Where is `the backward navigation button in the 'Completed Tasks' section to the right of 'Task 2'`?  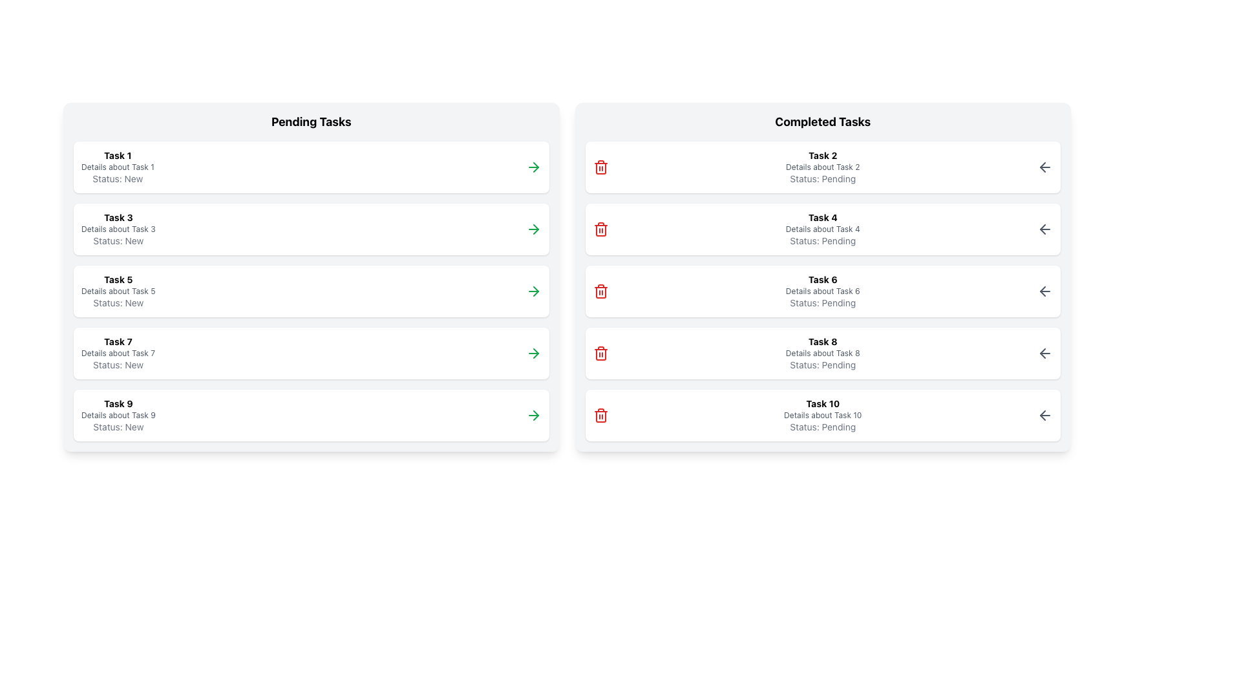
the backward navigation button in the 'Completed Tasks' section to the right of 'Task 2' is located at coordinates (1043, 166).